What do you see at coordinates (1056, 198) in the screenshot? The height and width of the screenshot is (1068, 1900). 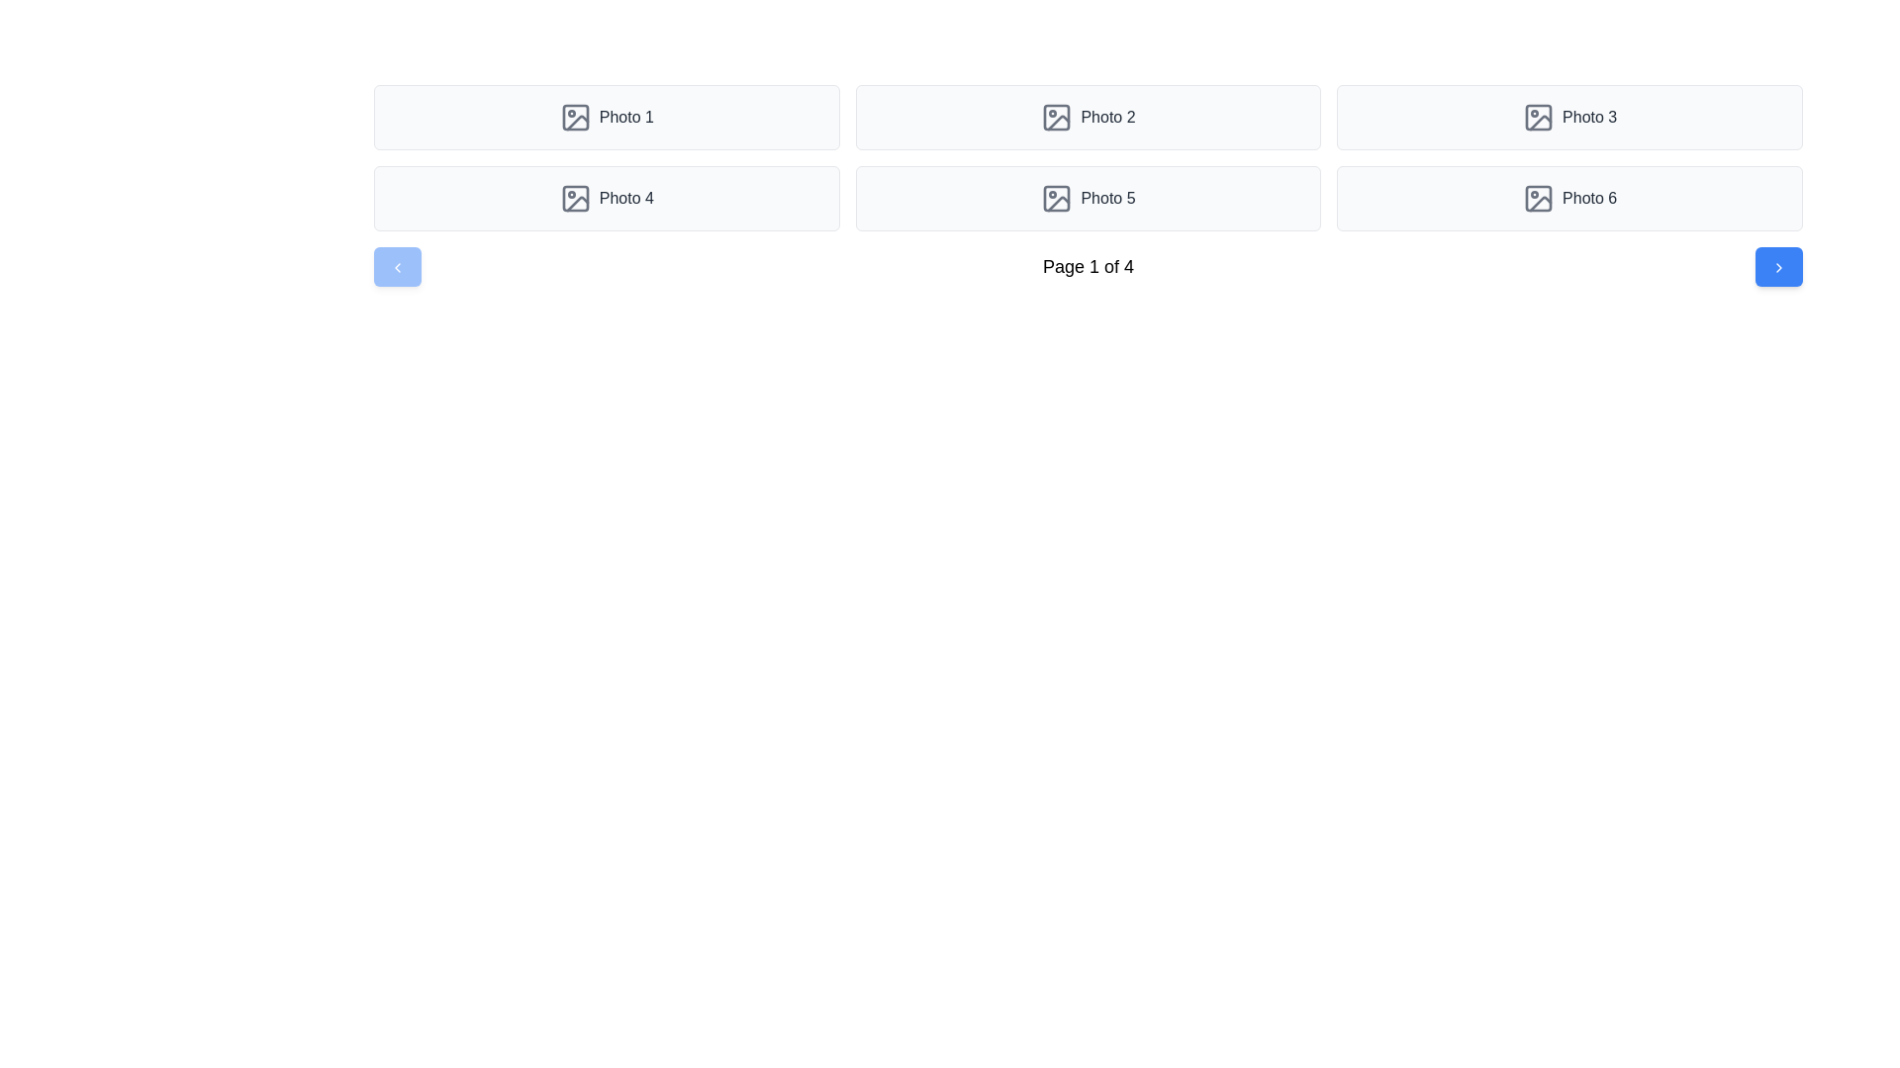 I see `the small rounded rectangle filled with gray within the photo icon graphic` at bounding box center [1056, 198].